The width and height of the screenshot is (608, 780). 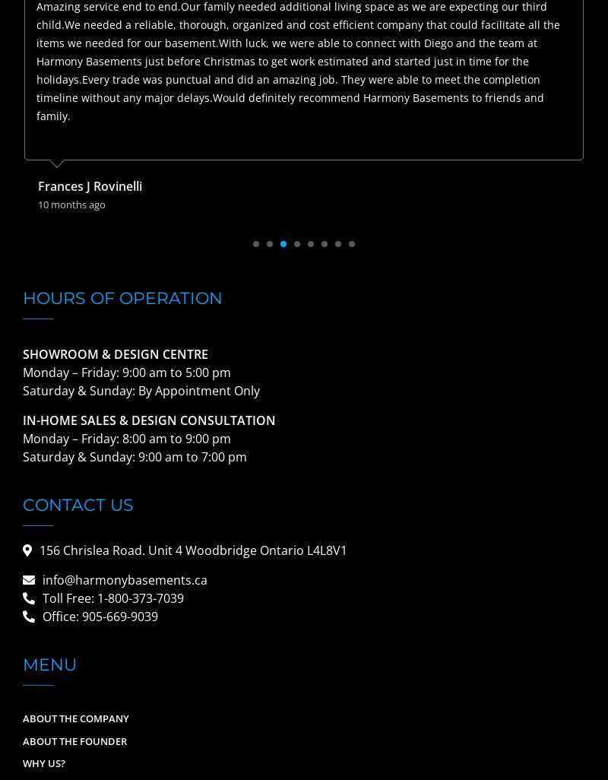 What do you see at coordinates (83, 186) in the screenshot?
I see `'Robert McGann'` at bounding box center [83, 186].